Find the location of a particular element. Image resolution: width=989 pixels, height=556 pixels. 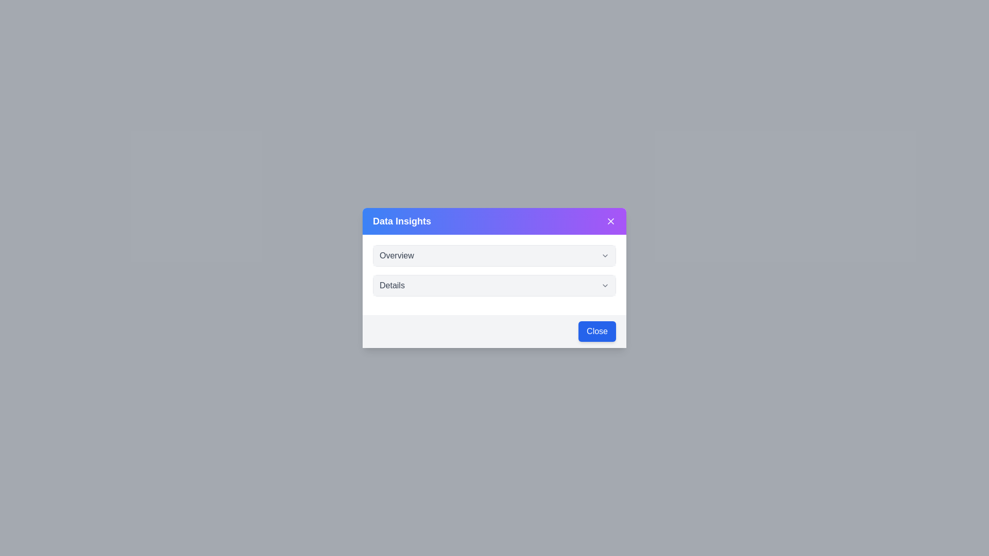

the Close button to close the dialog is located at coordinates (597, 332).